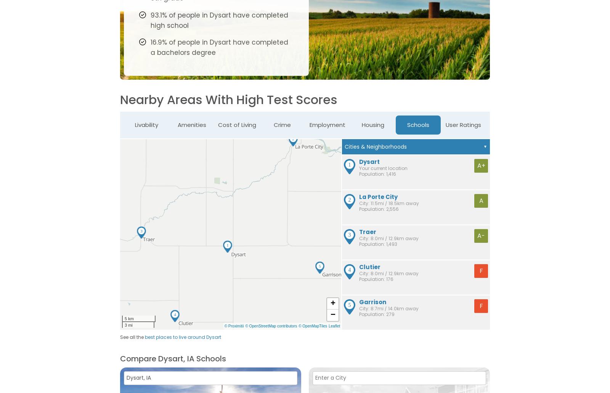  I want to click on 'Population: 1,493', so click(378, 244).